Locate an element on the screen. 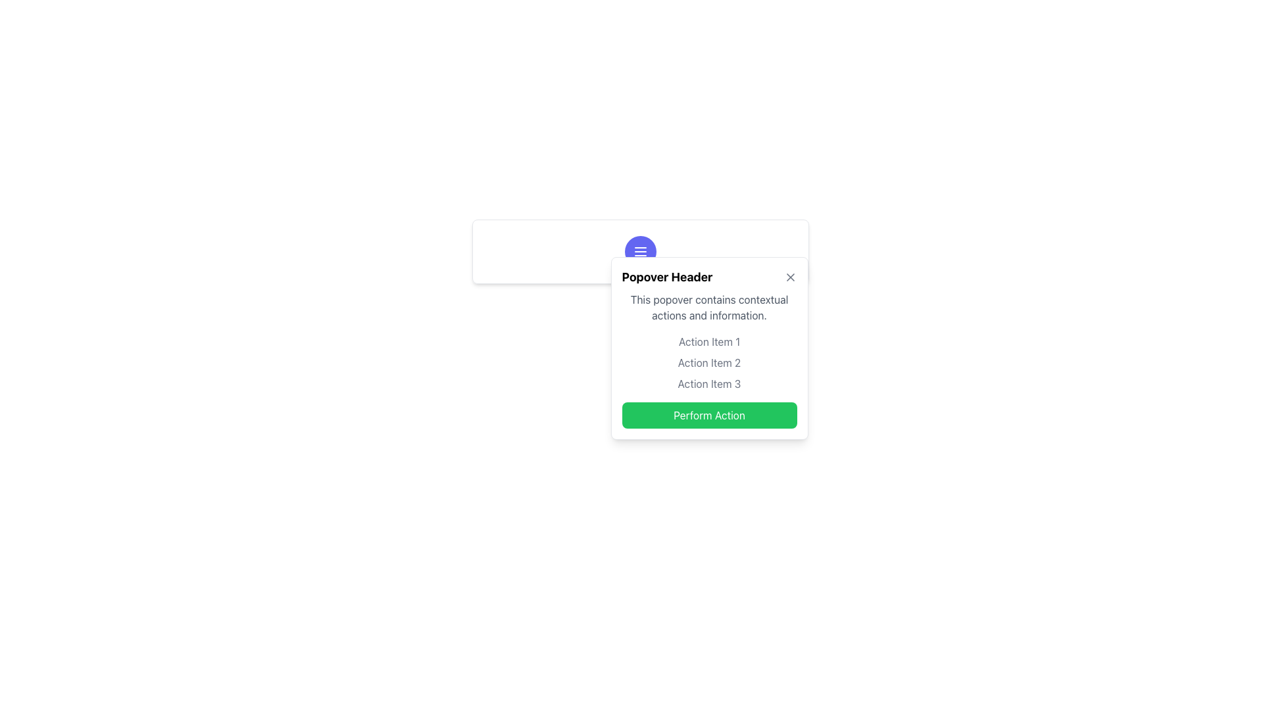 Image resolution: width=1263 pixels, height=710 pixels. the Close Icon (SVG Component) located in the upper-right corner of the popover is located at coordinates (789, 276).